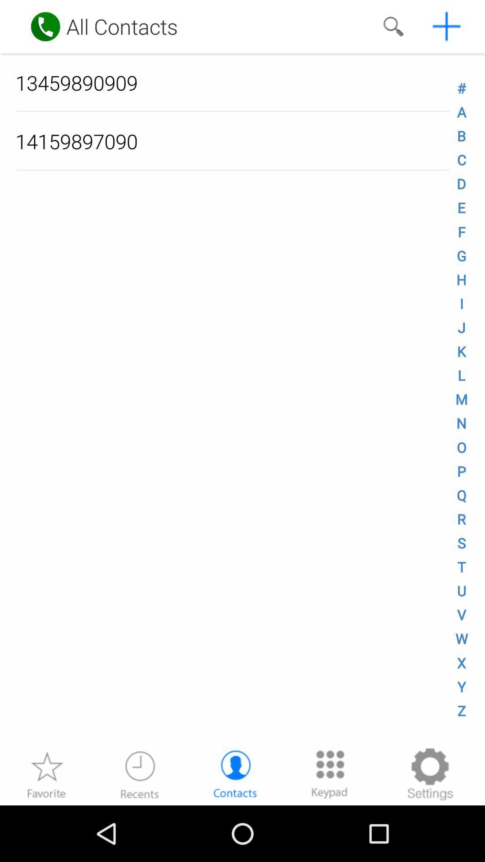 This screenshot has width=485, height=862. What do you see at coordinates (46, 774) in the screenshot?
I see `favorites` at bounding box center [46, 774].